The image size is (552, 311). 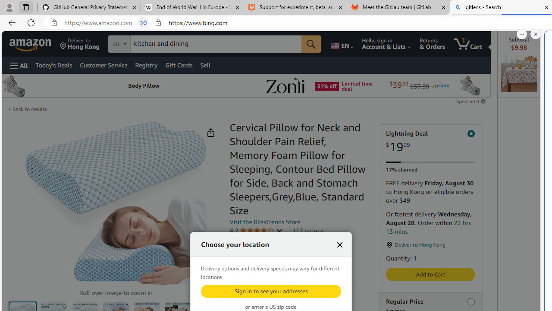 What do you see at coordinates (307, 230) in the screenshot?
I see `'117 ratings'` at bounding box center [307, 230].